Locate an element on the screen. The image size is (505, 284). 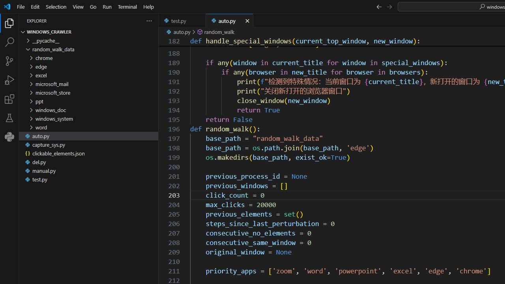
'Run' is located at coordinates (107, 6).